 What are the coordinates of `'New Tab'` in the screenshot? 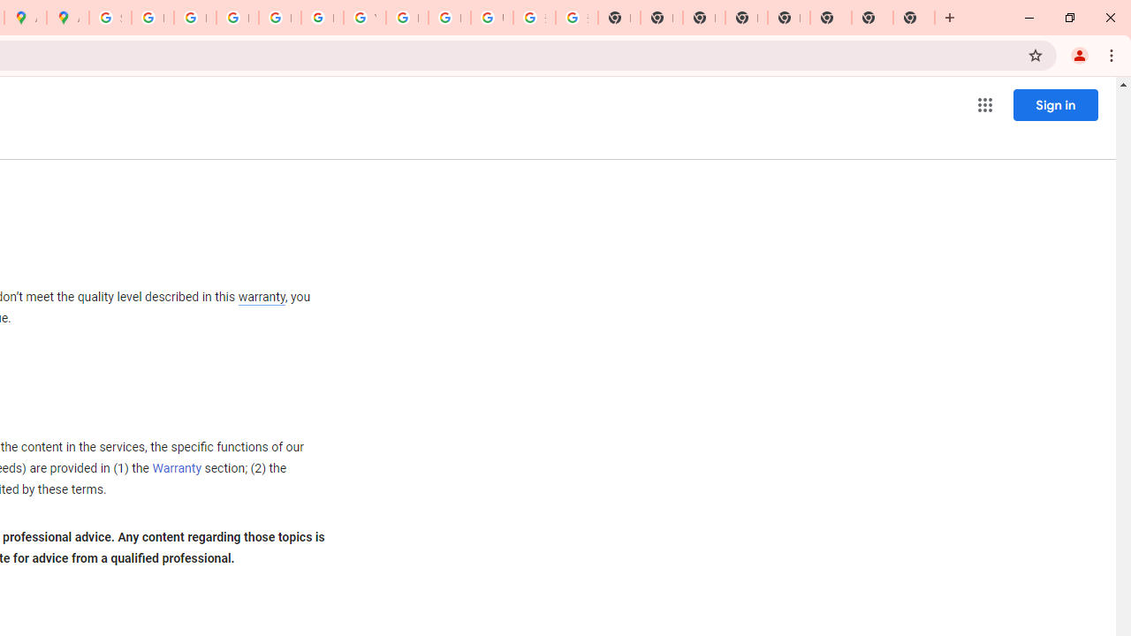 It's located at (914, 18).